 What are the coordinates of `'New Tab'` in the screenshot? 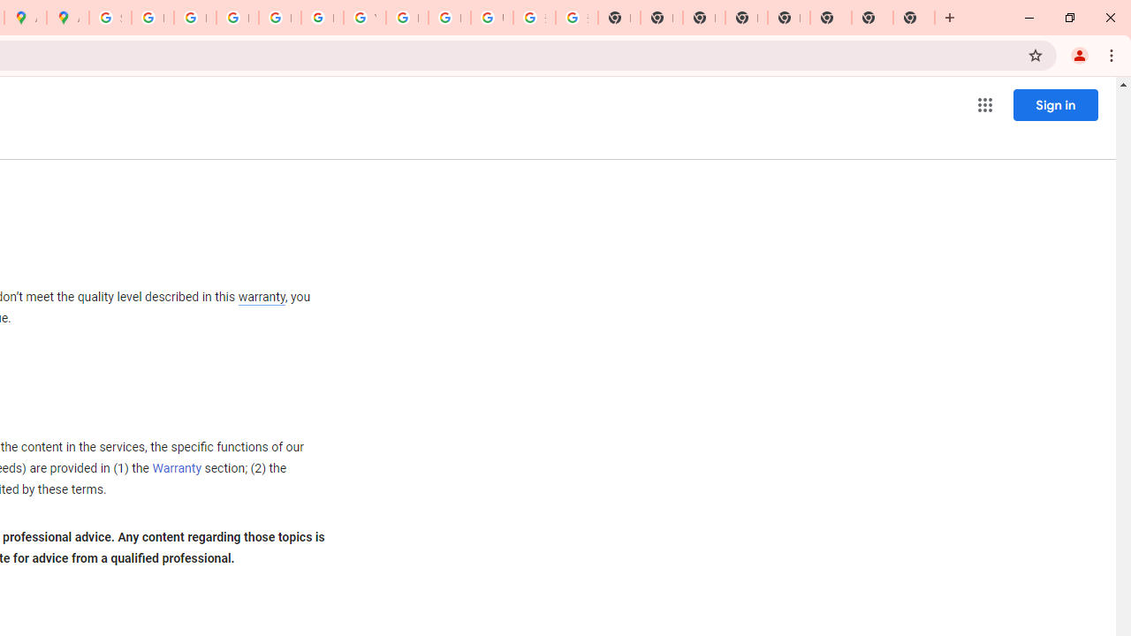 It's located at (914, 18).